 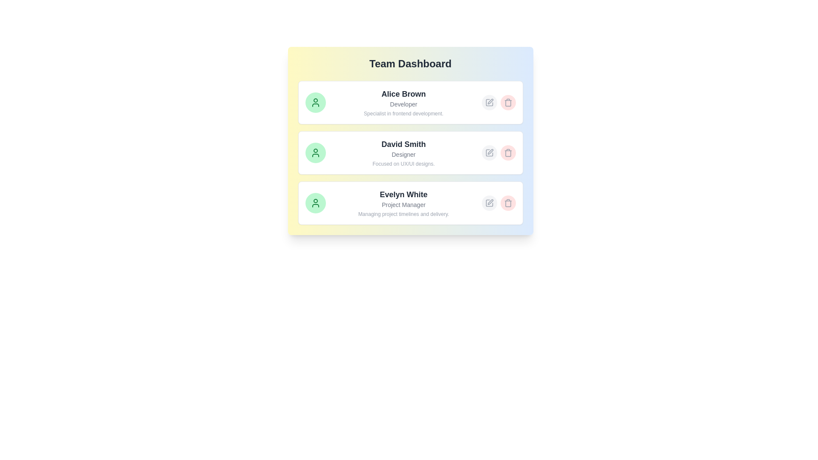 What do you see at coordinates (315, 102) in the screenshot?
I see `the User avatar icon representing 'Alice Brown' located at the left end inside the first card component displaying her information` at bounding box center [315, 102].